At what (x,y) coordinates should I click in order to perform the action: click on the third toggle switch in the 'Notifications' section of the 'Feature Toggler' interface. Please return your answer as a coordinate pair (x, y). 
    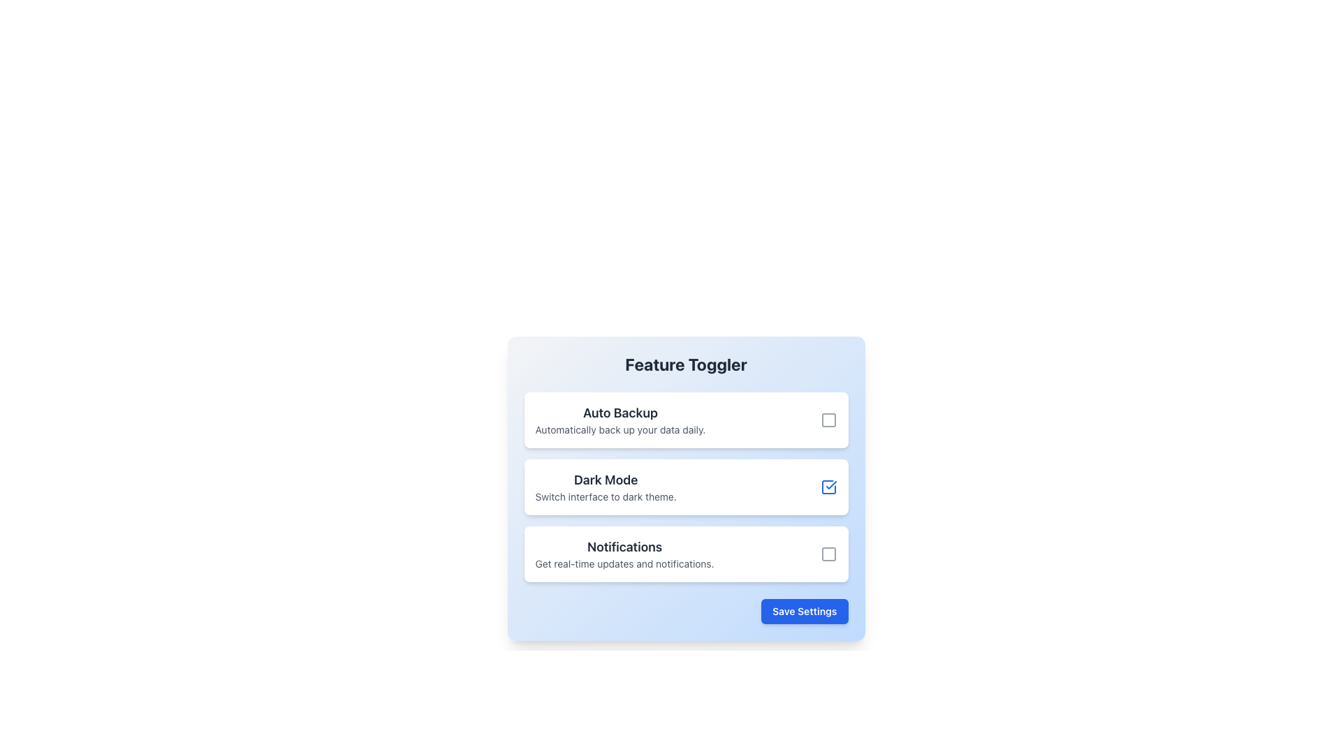
    Looking at the image, I should click on (828, 554).